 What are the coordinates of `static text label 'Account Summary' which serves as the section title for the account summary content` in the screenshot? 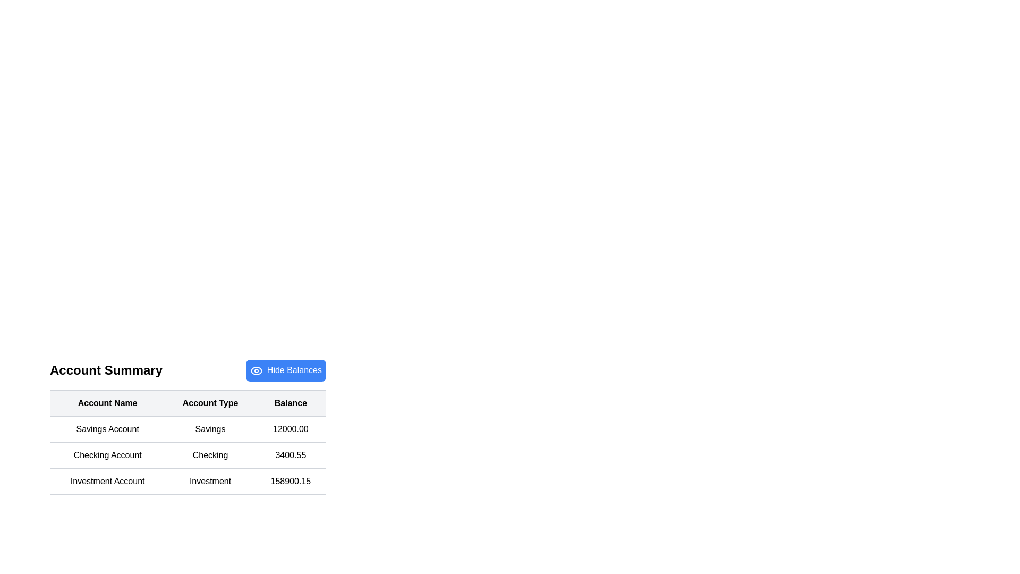 It's located at (106, 370).